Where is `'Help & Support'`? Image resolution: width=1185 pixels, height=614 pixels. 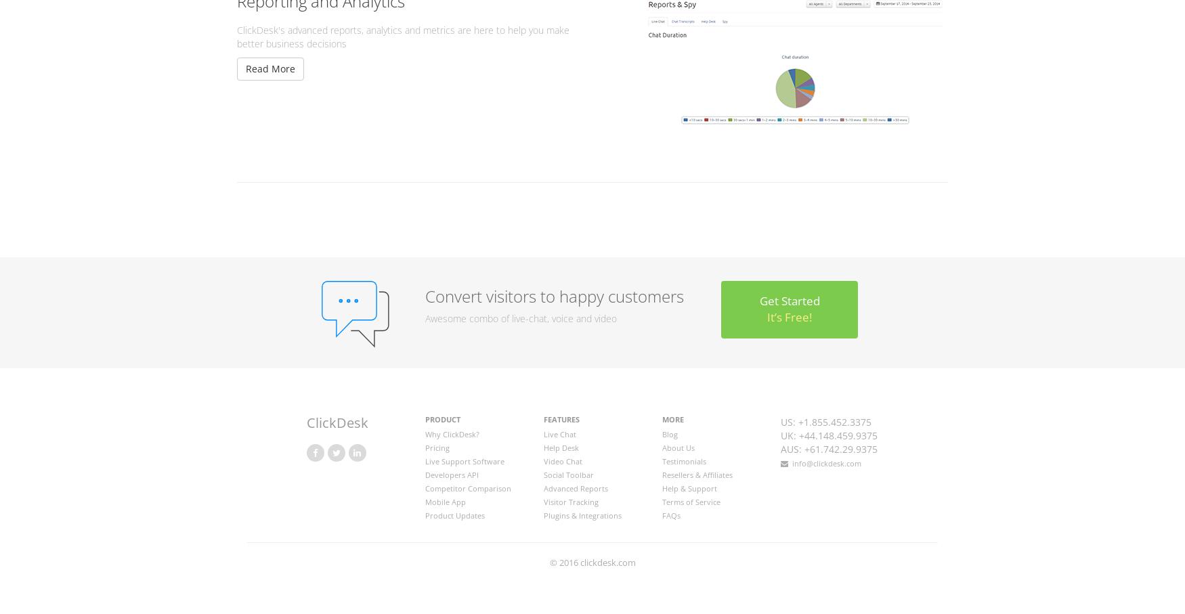
'Help & Support' is located at coordinates (688, 487).